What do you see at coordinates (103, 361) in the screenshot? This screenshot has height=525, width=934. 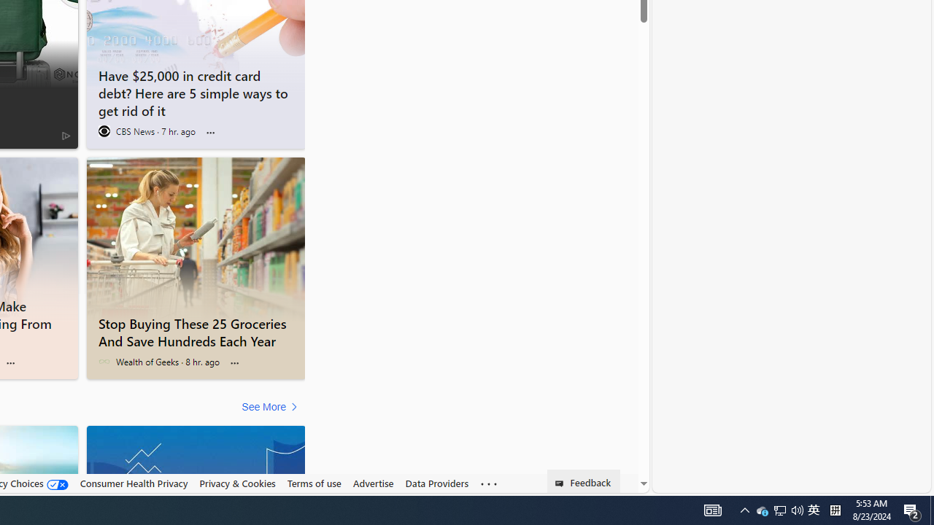 I see `'Wealth of Geeks'` at bounding box center [103, 361].